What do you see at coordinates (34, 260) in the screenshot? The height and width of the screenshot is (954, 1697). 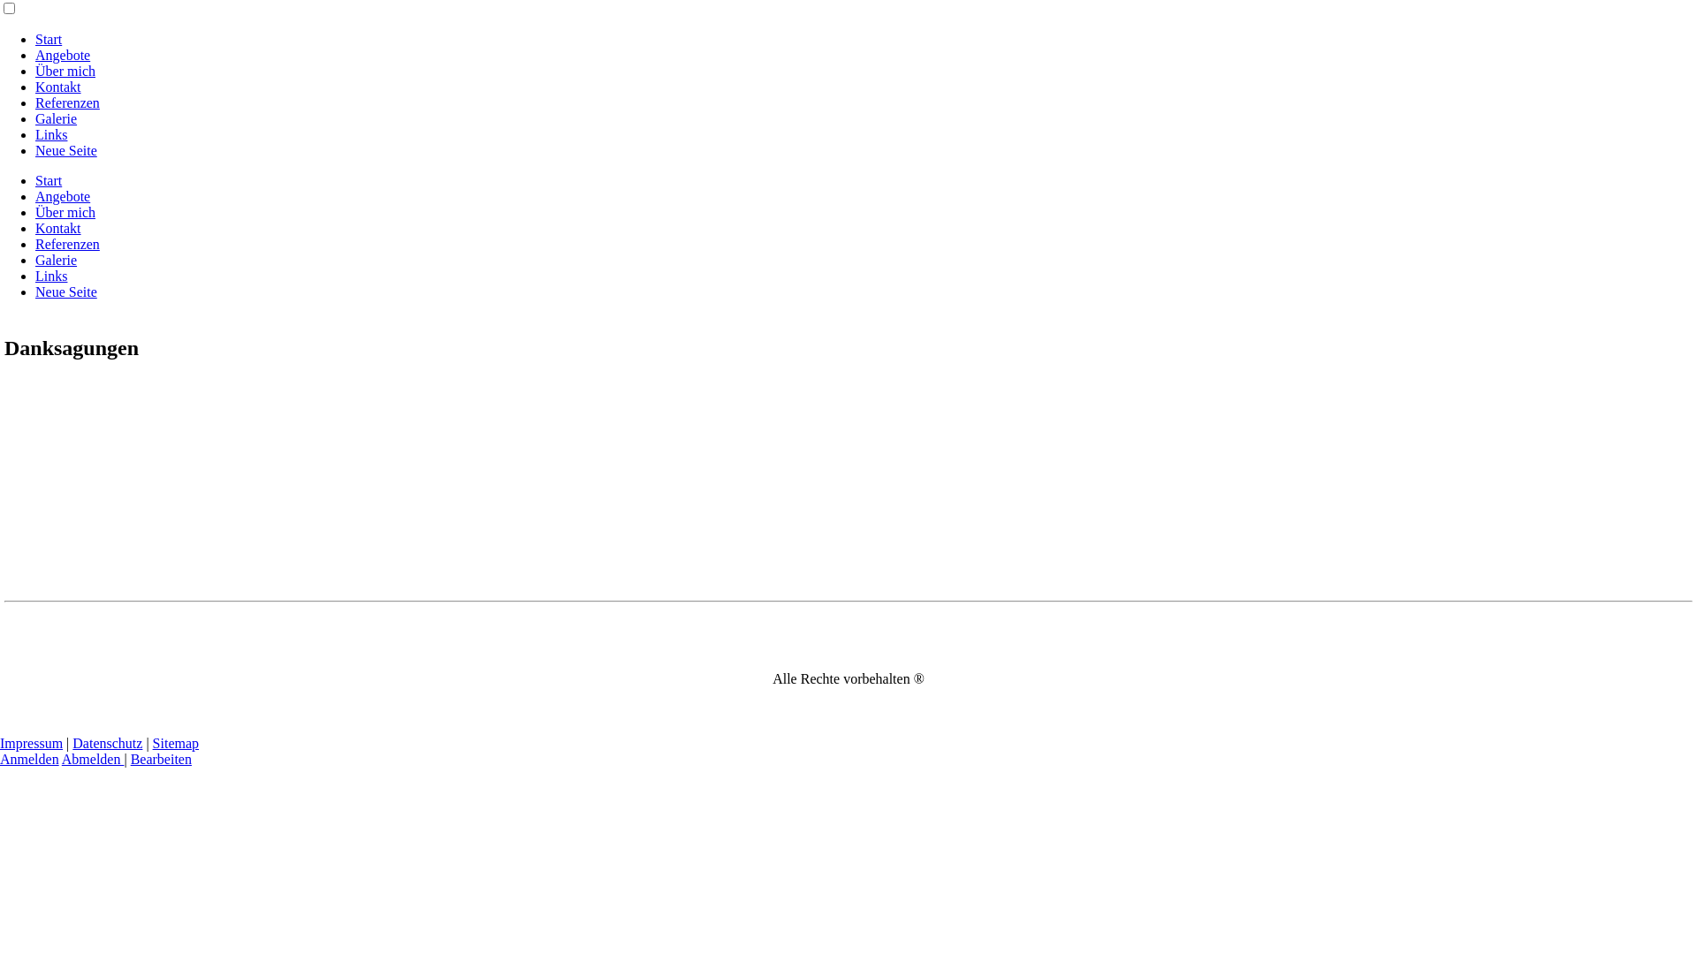 I see `'Galerie'` at bounding box center [34, 260].